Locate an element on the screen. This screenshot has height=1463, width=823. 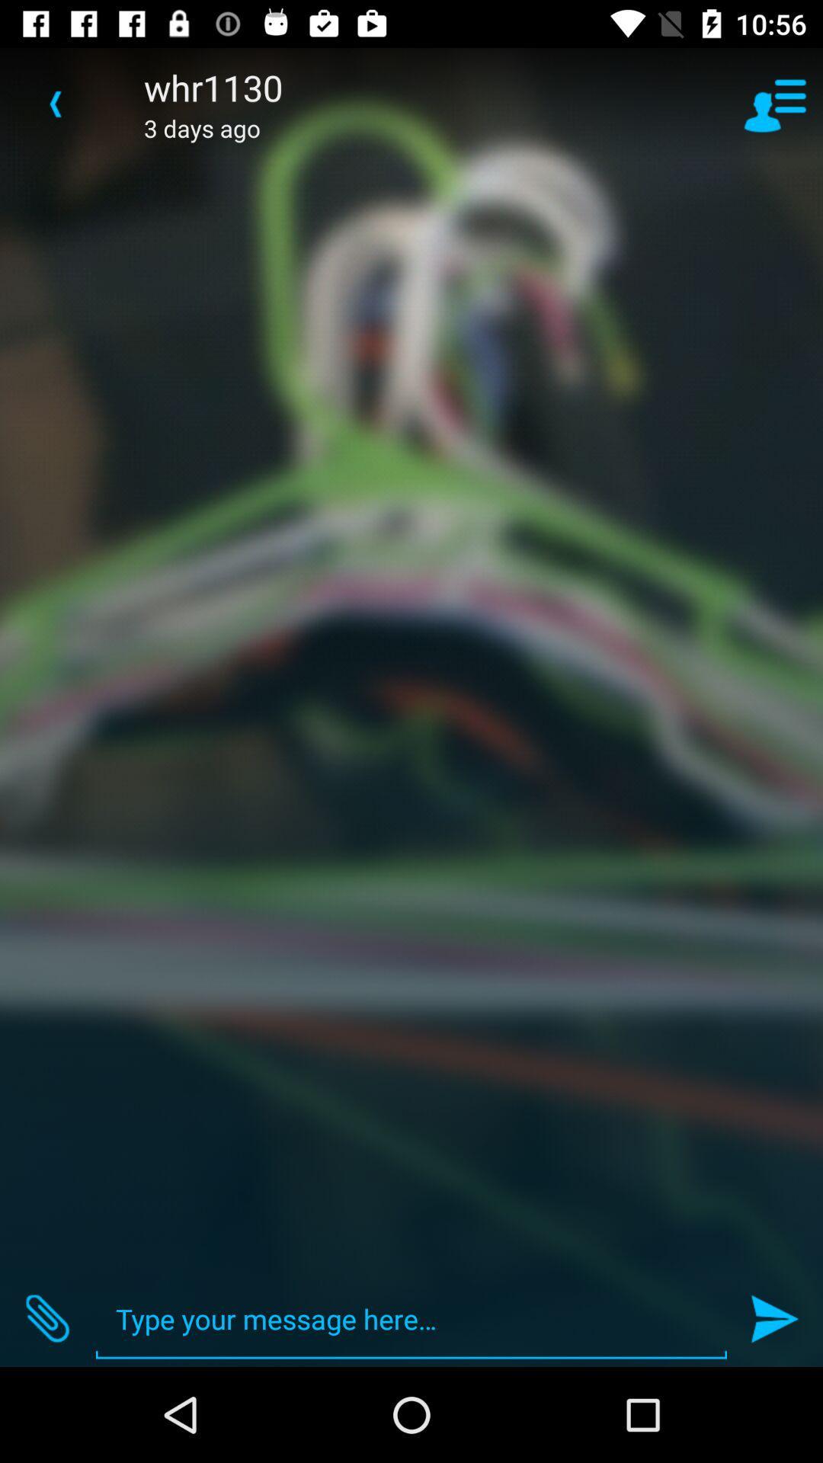
the send icon is located at coordinates (775, 1318).